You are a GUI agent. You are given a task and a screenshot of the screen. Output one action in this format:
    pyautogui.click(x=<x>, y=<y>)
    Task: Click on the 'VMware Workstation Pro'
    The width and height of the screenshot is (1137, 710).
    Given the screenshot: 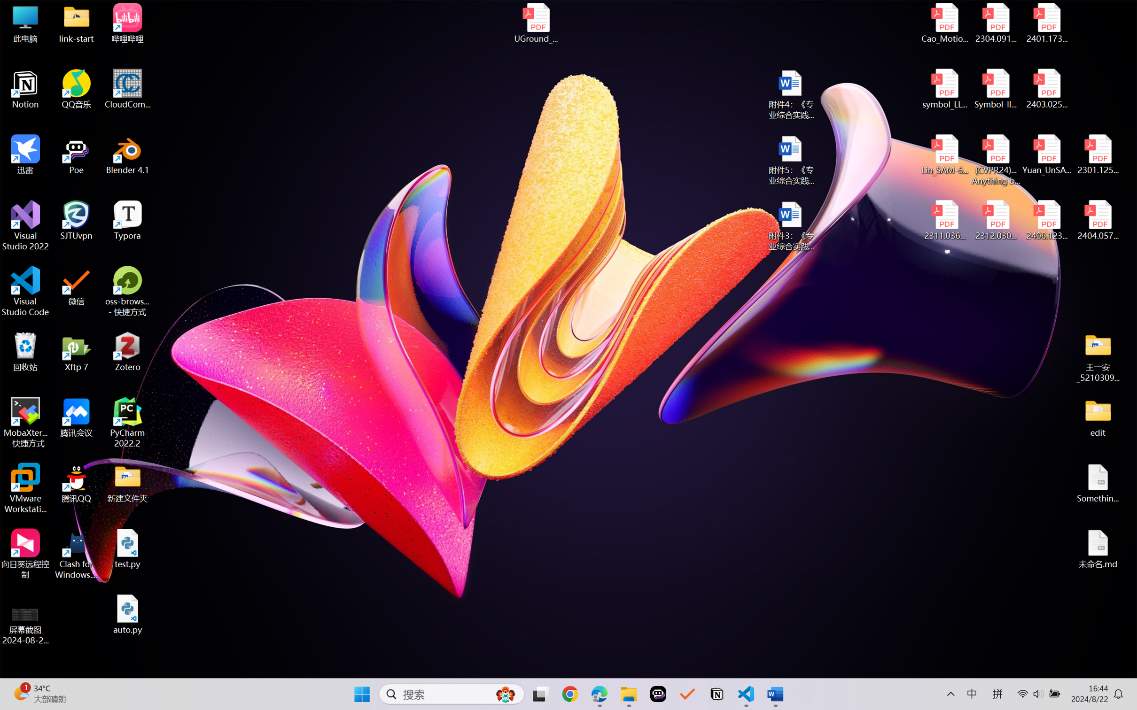 What is the action you would take?
    pyautogui.click(x=25, y=488)
    